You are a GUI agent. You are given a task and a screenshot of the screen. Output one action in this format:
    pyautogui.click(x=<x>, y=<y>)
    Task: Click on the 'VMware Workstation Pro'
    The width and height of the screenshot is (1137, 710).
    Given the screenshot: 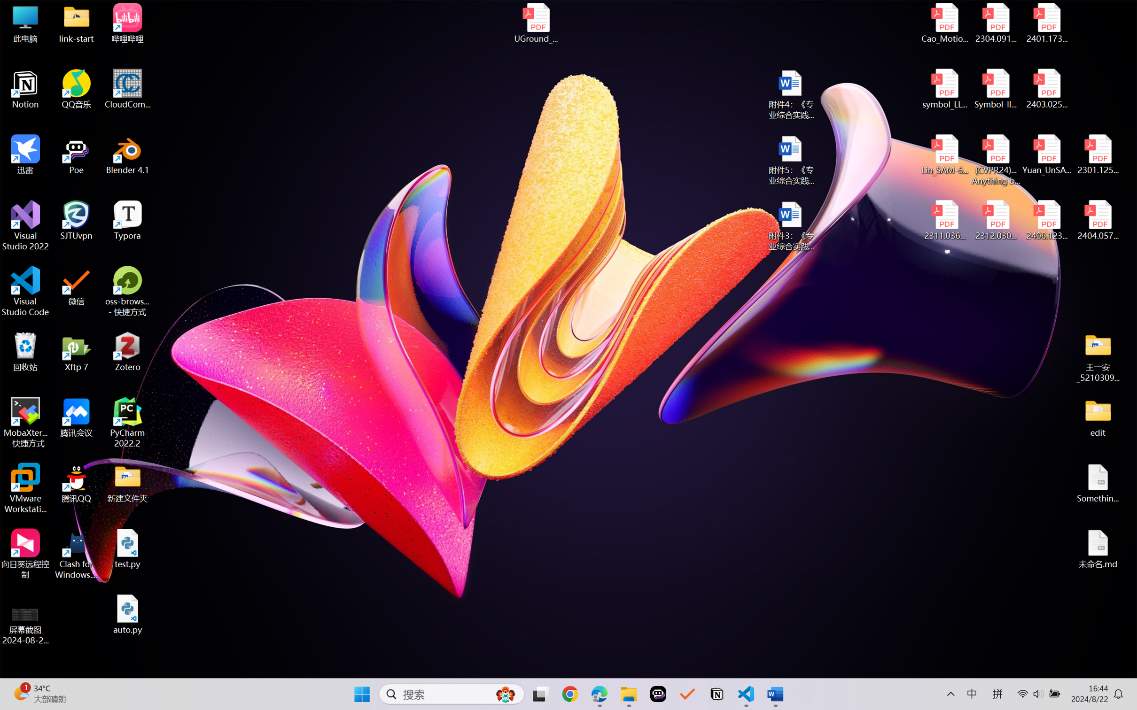 What is the action you would take?
    pyautogui.click(x=25, y=488)
    